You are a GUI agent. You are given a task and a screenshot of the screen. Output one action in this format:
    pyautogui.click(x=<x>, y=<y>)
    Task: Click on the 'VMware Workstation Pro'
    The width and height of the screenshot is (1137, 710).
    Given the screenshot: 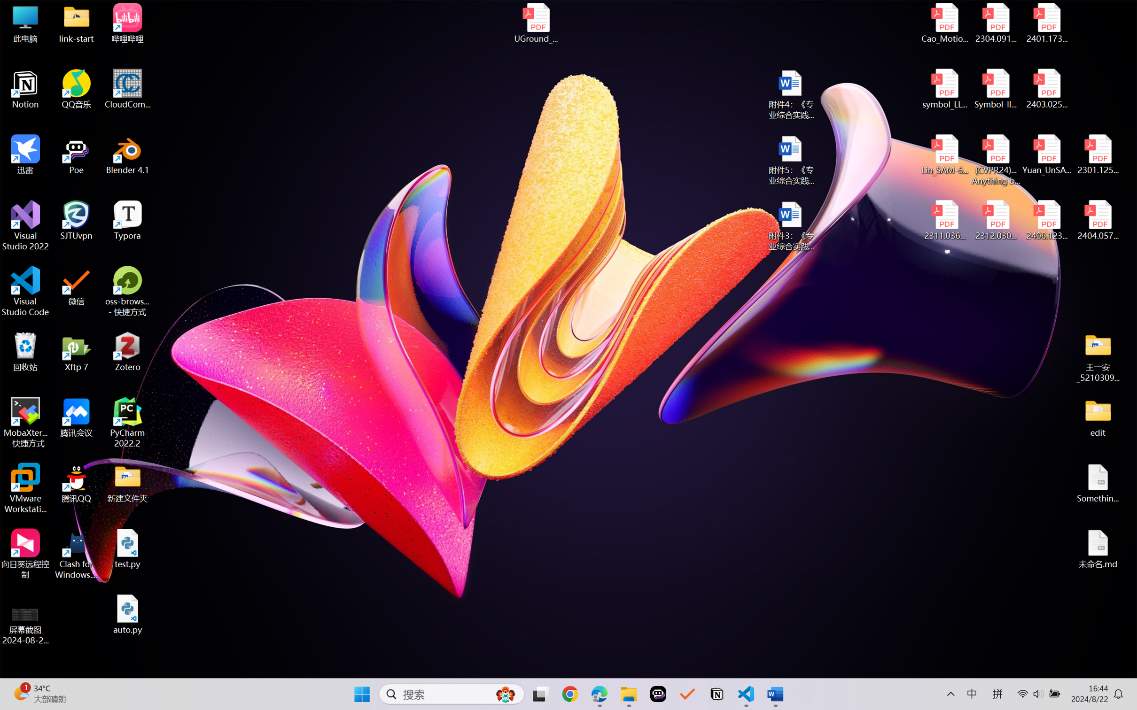 What is the action you would take?
    pyautogui.click(x=25, y=488)
    